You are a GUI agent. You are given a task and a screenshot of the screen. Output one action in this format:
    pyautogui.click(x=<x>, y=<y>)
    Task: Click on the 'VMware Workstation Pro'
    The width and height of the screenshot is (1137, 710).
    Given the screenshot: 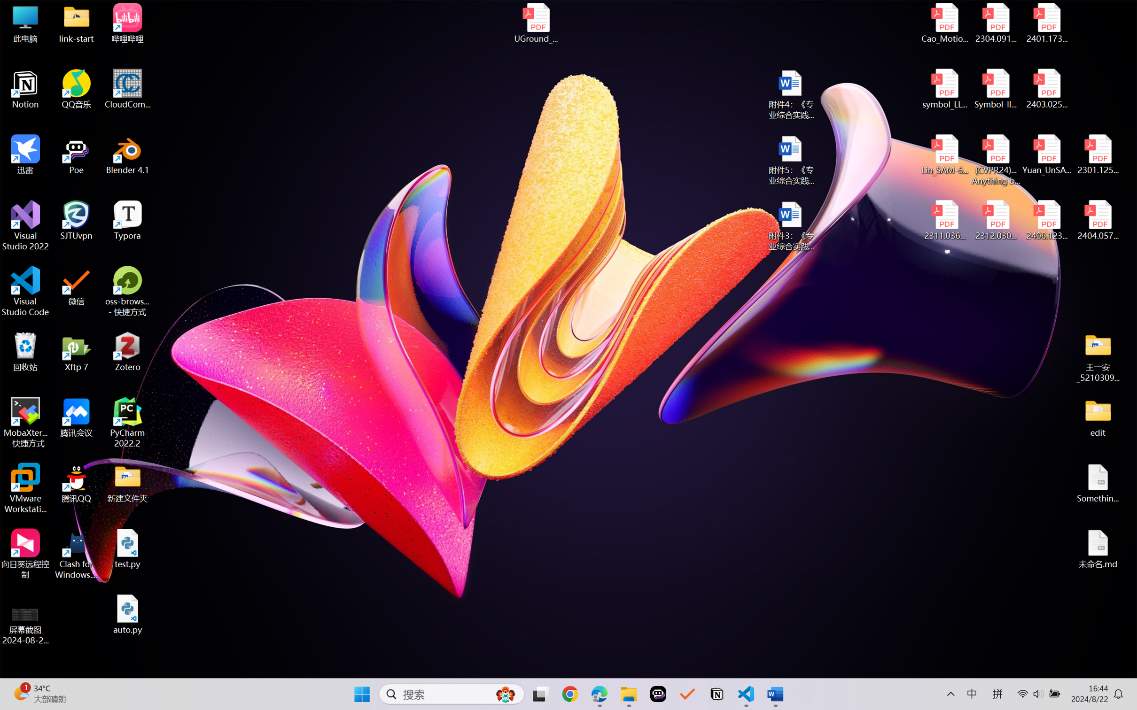 What is the action you would take?
    pyautogui.click(x=25, y=488)
    